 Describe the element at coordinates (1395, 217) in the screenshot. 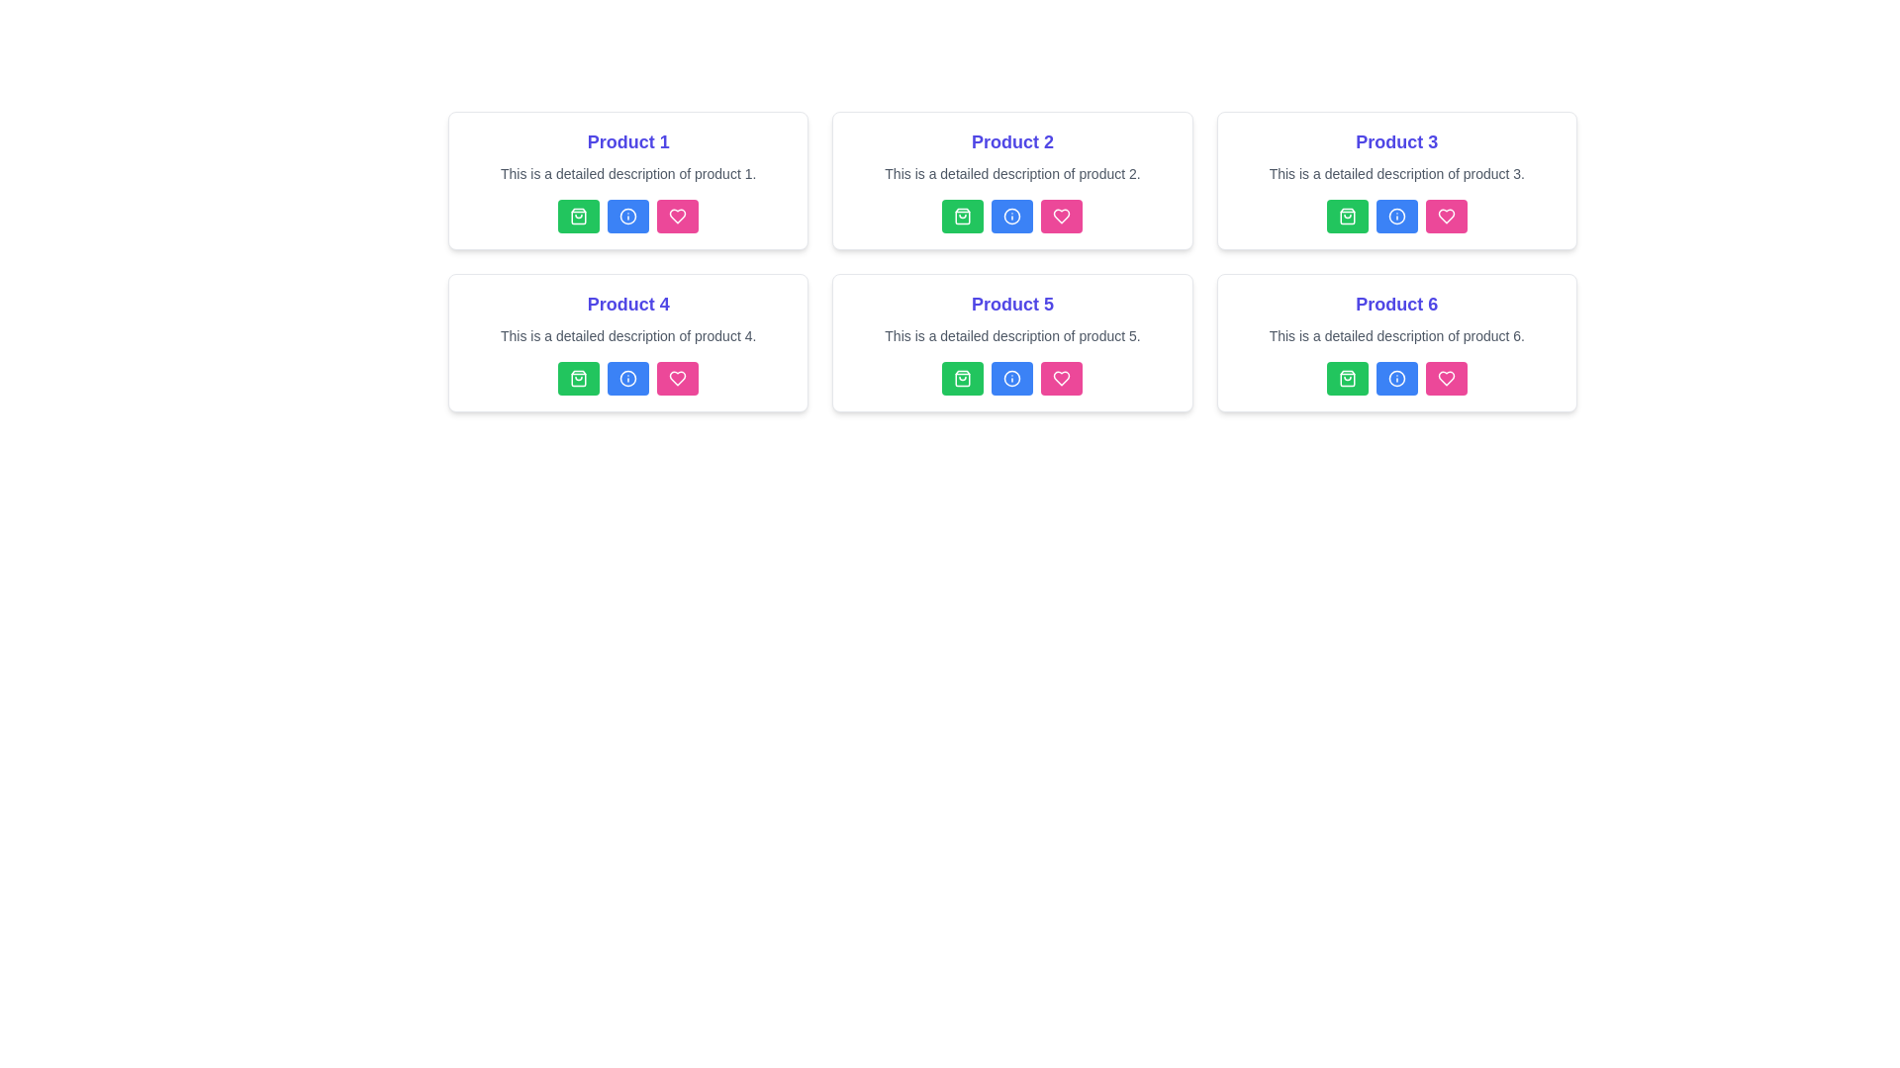

I see `the blue rounded rectangular button with a white information icon in the center, located below the title 'Product 3' and positioned between a green shopping bag button and a pink heart button` at that location.